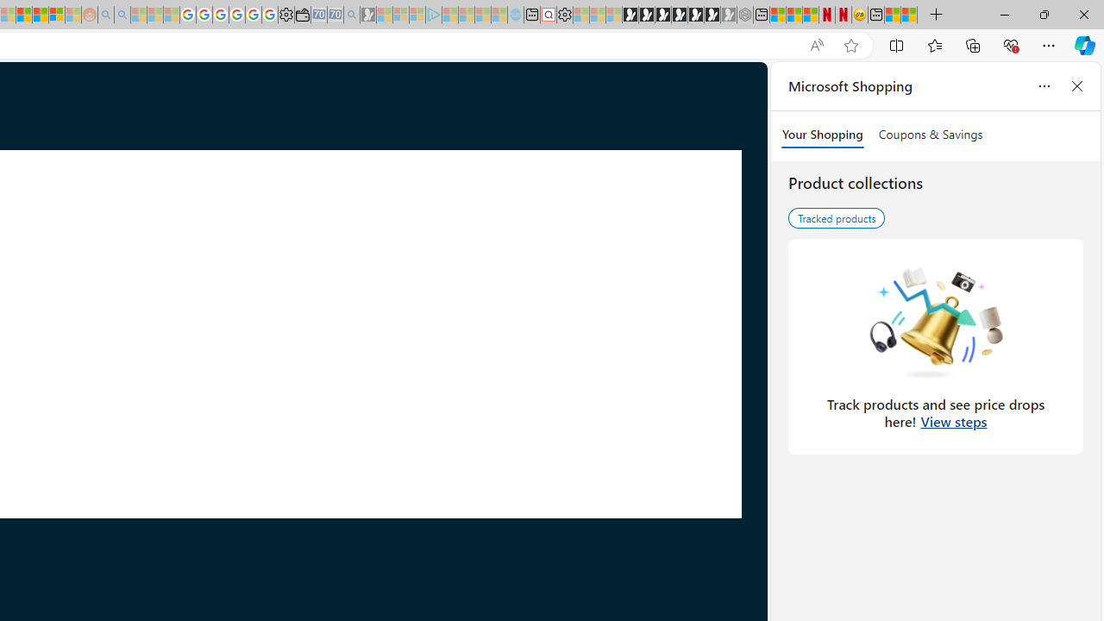 The height and width of the screenshot is (621, 1104). Describe the element at coordinates (662, 15) in the screenshot. I see `'Play Cave FRVR in your browser | Games from Microsoft Start'` at that location.